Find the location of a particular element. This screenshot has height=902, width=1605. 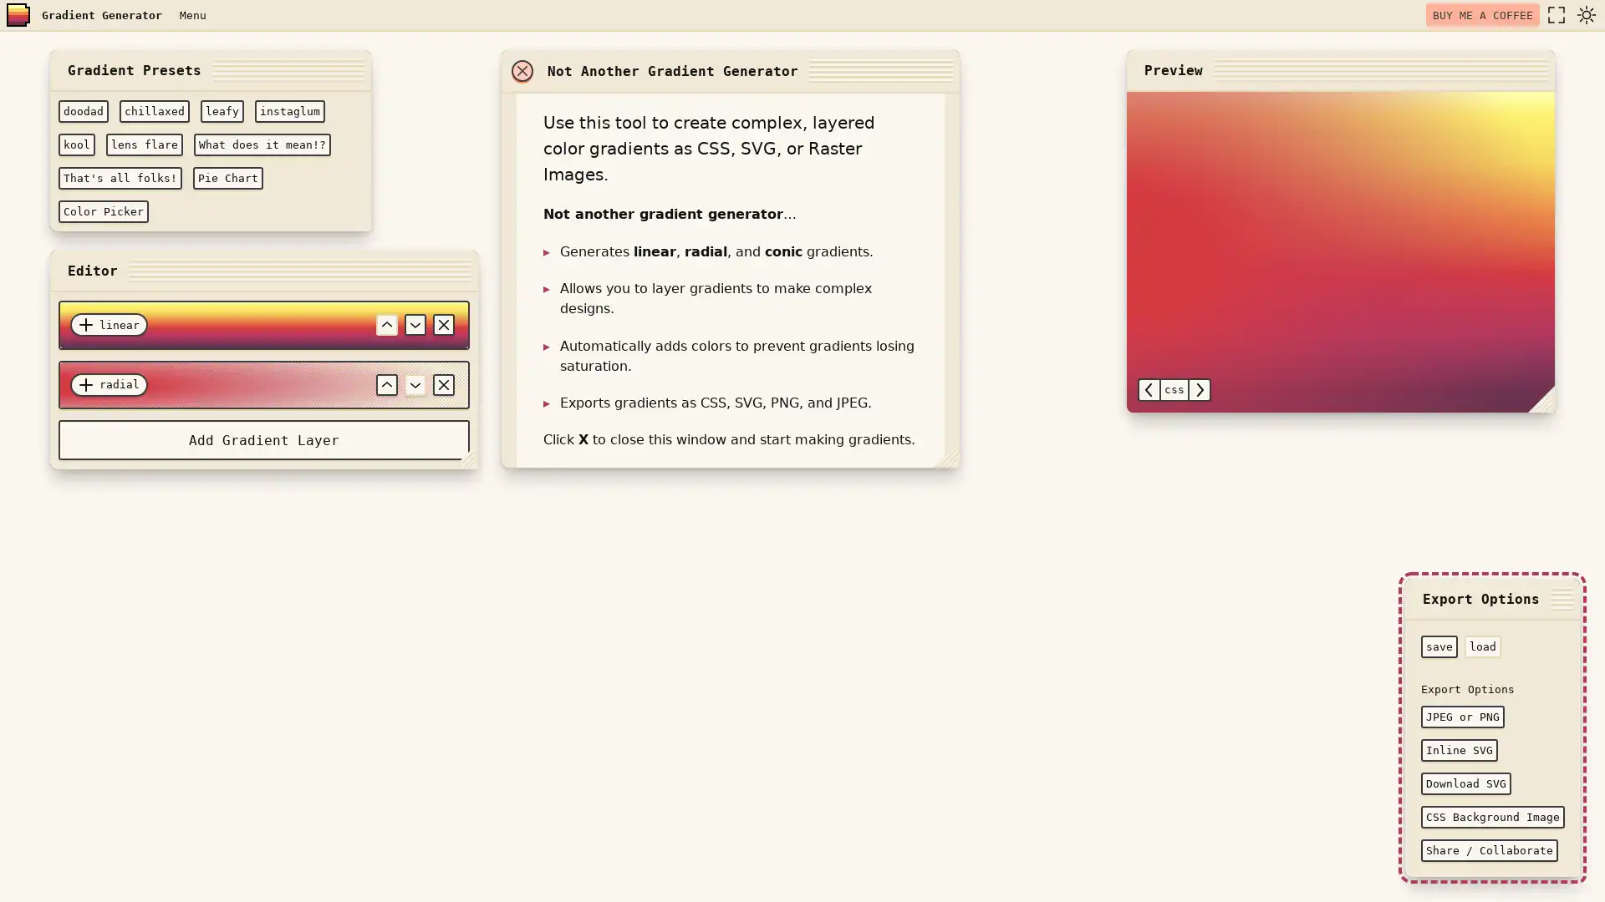

Color Picker is located at coordinates (103, 210).